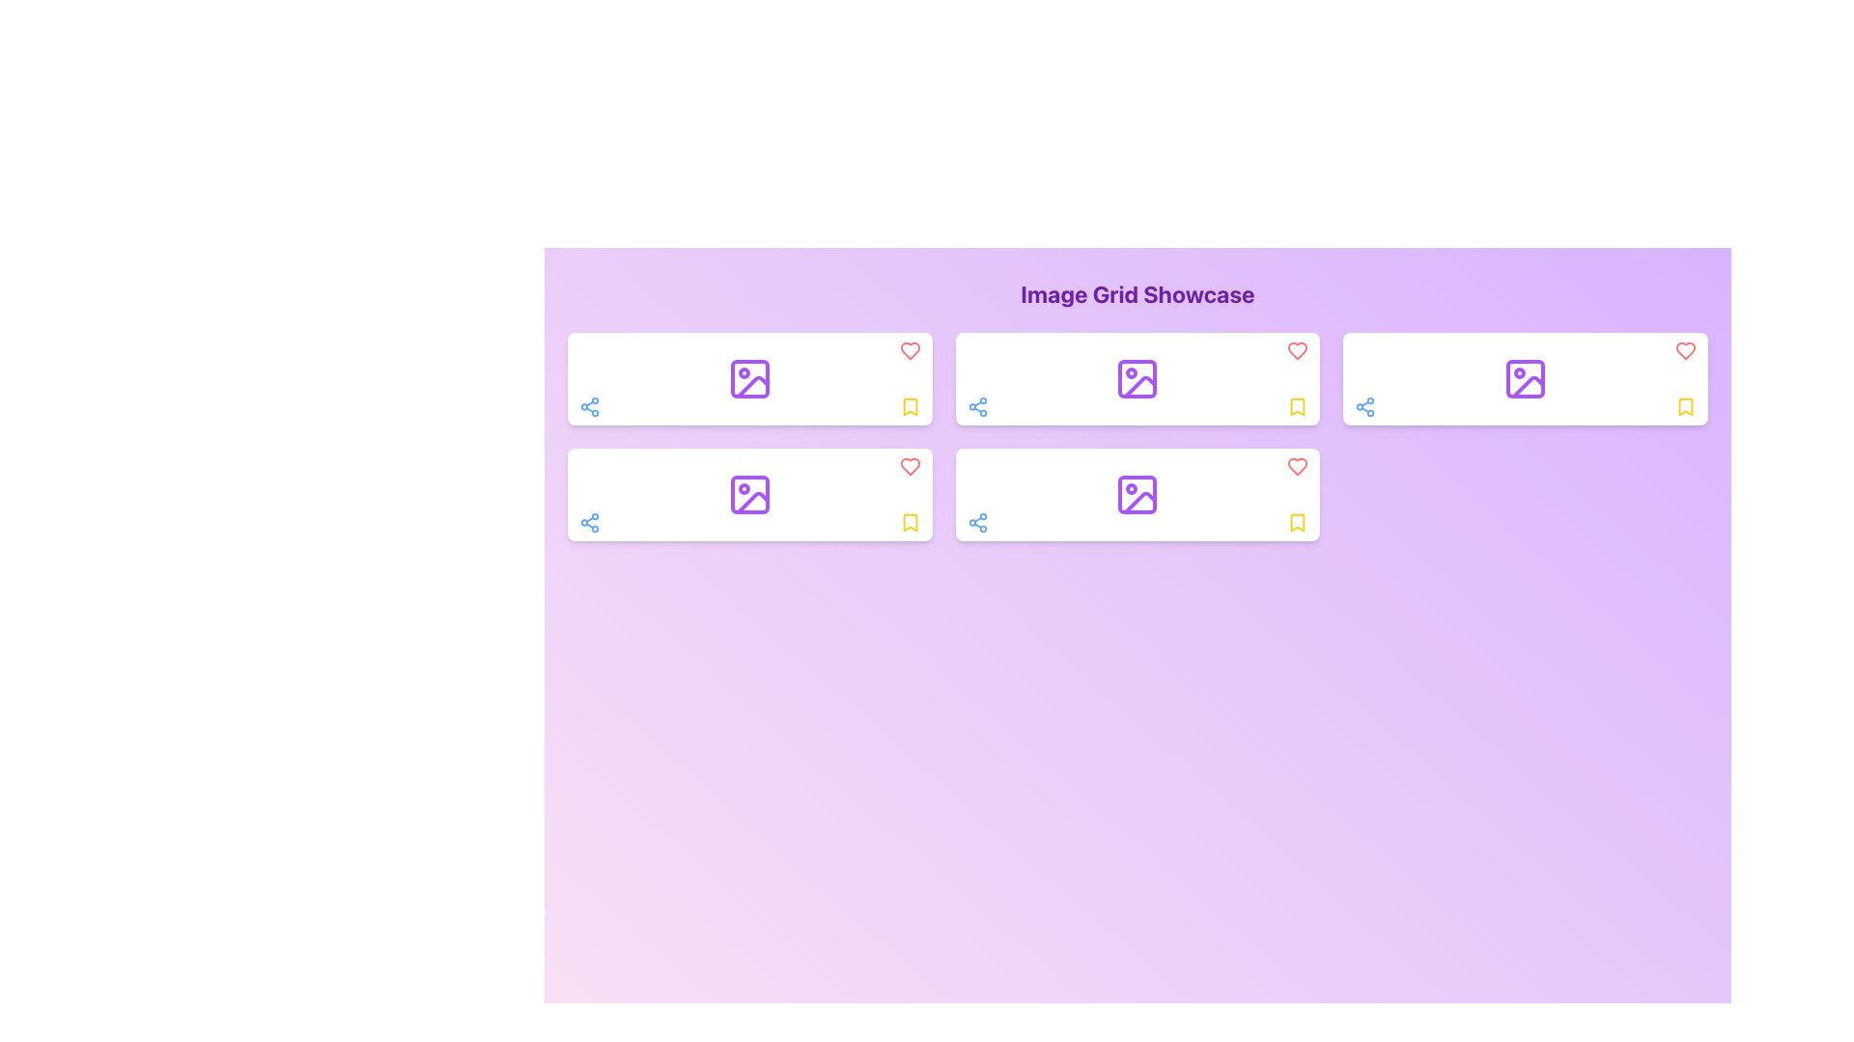 This screenshot has width=1854, height=1042. What do you see at coordinates (909, 350) in the screenshot?
I see `the favorite or like button located` at bounding box center [909, 350].